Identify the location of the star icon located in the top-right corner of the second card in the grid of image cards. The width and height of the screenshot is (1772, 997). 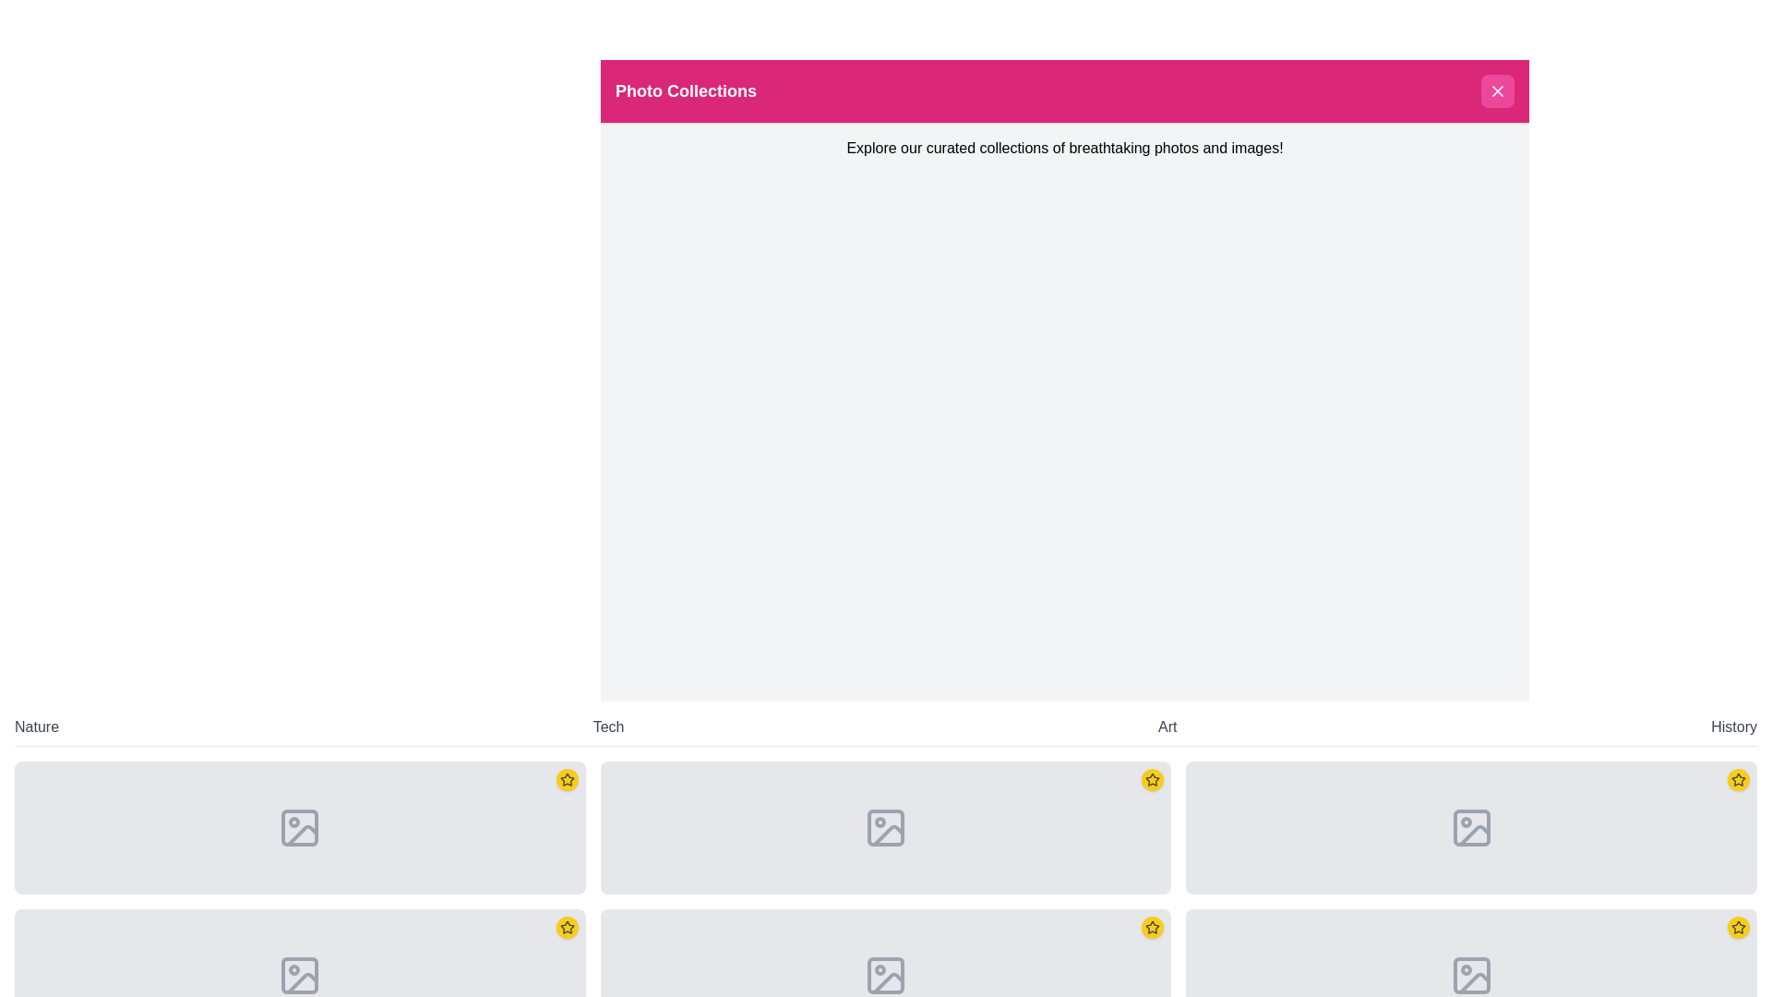
(566, 928).